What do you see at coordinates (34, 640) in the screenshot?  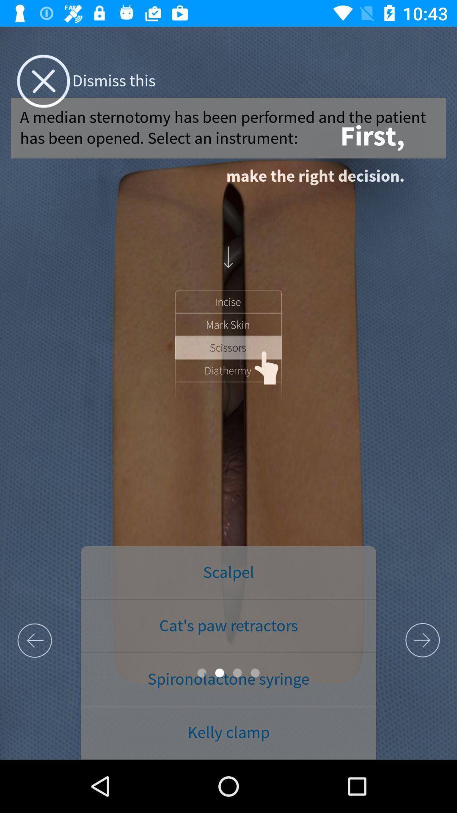 I see `the arrow_backward icon` at bounding box center [34, 640].